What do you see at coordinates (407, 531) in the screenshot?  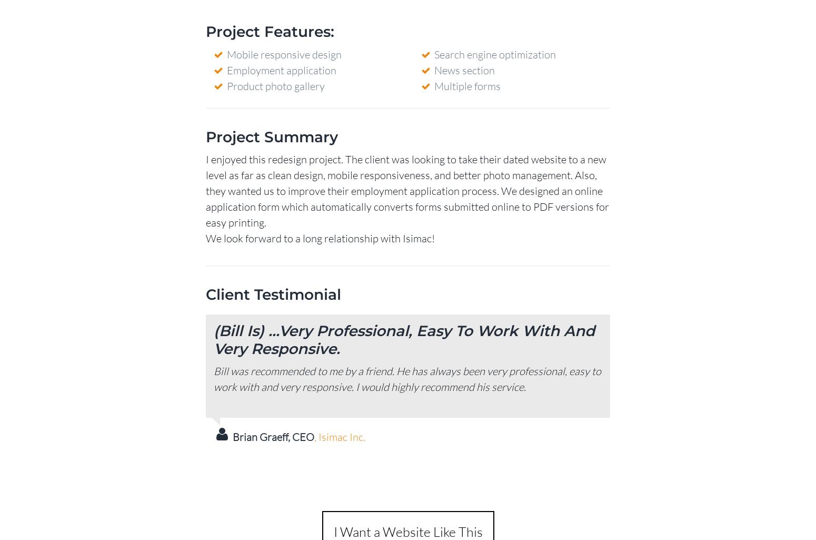 I see `'I Want a Website Like This'` at bounding box center [407, 531].